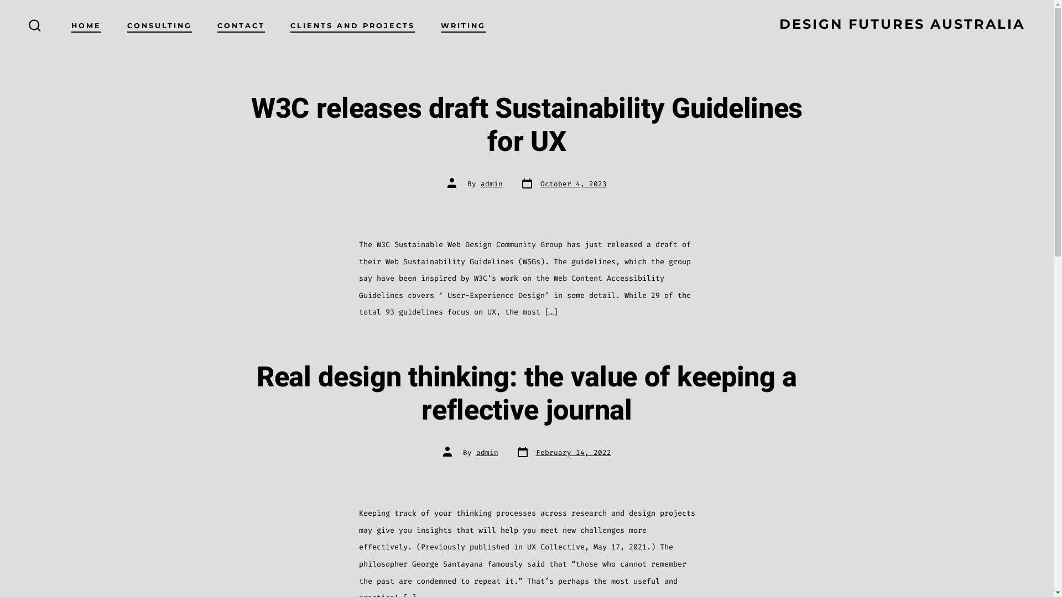 The image size is (1062, 597). What do you see at coordinates (440, 25) in the screenshot?
I see `'WRITING'` at bounding box center [440, 25].